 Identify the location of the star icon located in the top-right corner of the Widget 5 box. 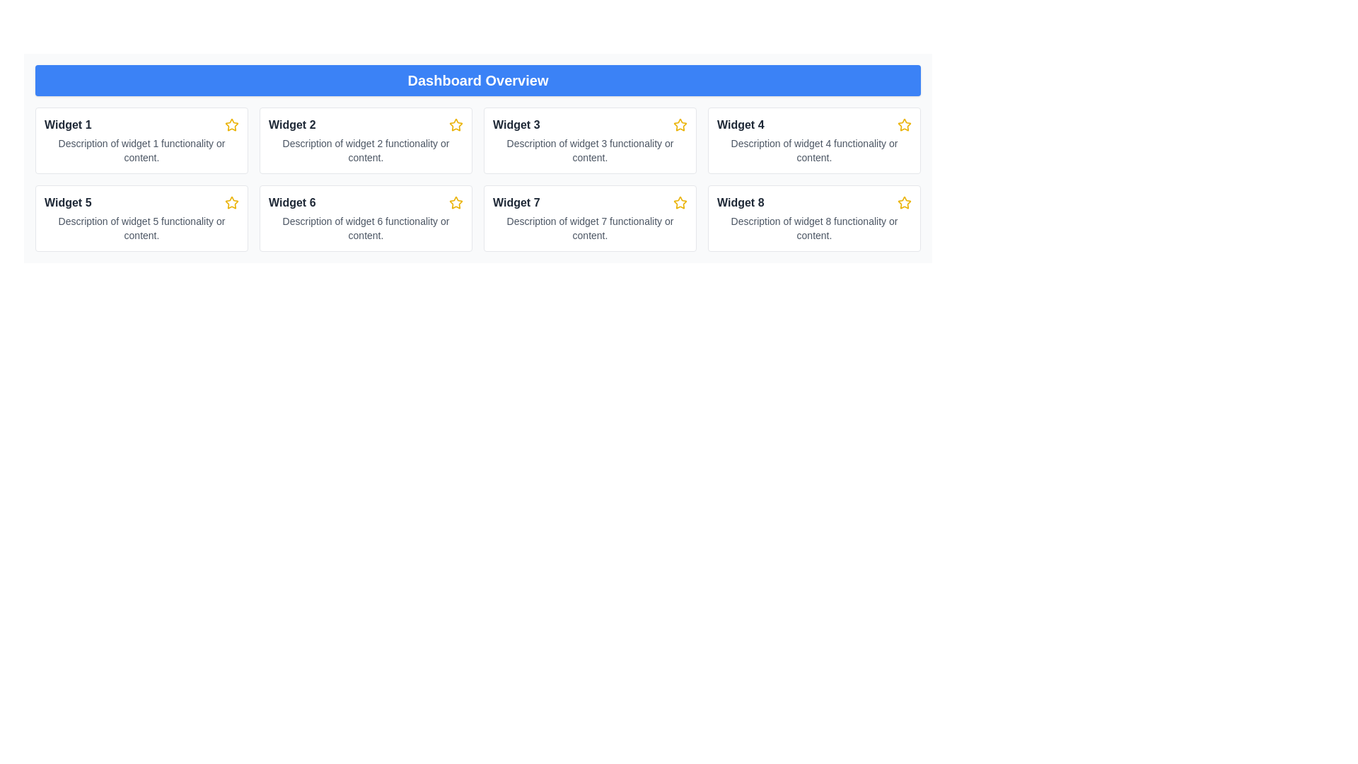
(231, 202).